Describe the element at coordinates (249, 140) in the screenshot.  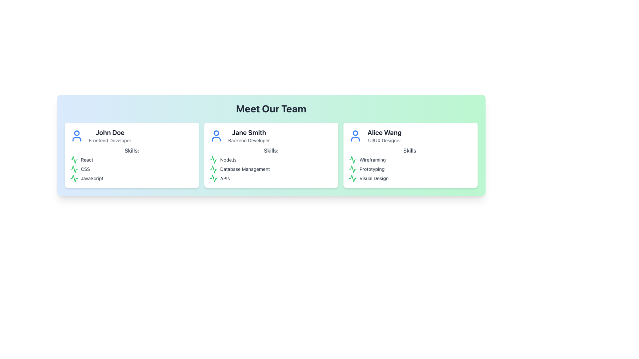
I see `the Text Label indicating the occupation or role of the individual described in the profile card of Jane Smith to understand their expertise area` at that location.